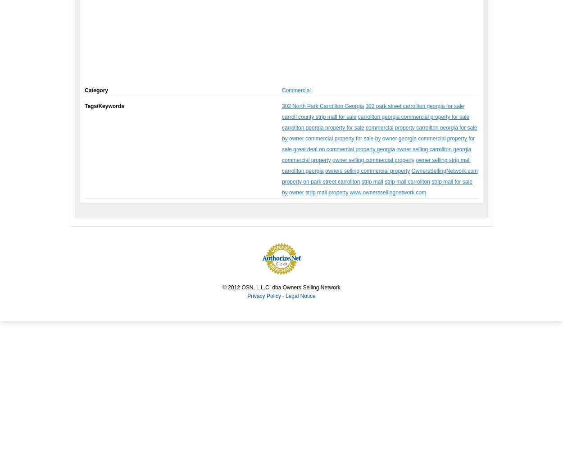 The image size is (563, 450). I want to click on 'great deal on commercial property georgia', so click(344, 149).